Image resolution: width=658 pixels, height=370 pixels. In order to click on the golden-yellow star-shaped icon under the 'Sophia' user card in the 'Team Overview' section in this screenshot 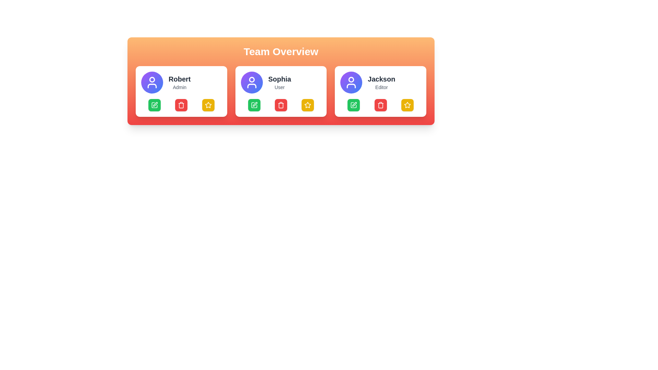, I will do `click(307, 105)`.